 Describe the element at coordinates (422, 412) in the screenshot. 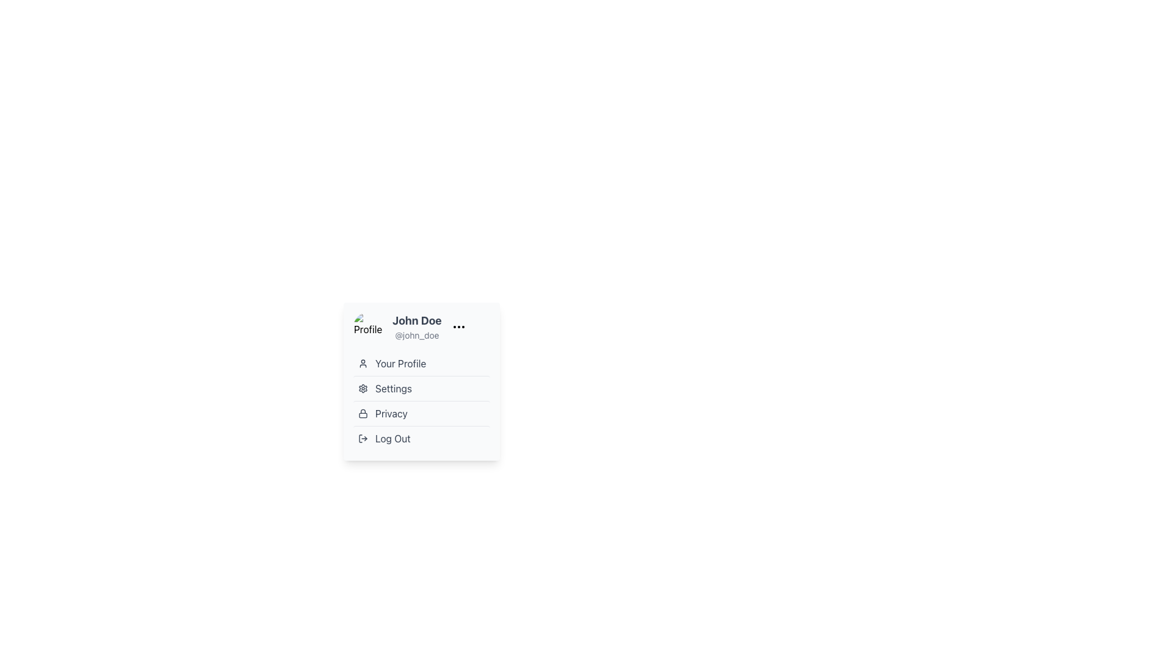

I see `the 'Privacy' list item with a lock icon, the third option in the vertical dropdown menu` at that location.